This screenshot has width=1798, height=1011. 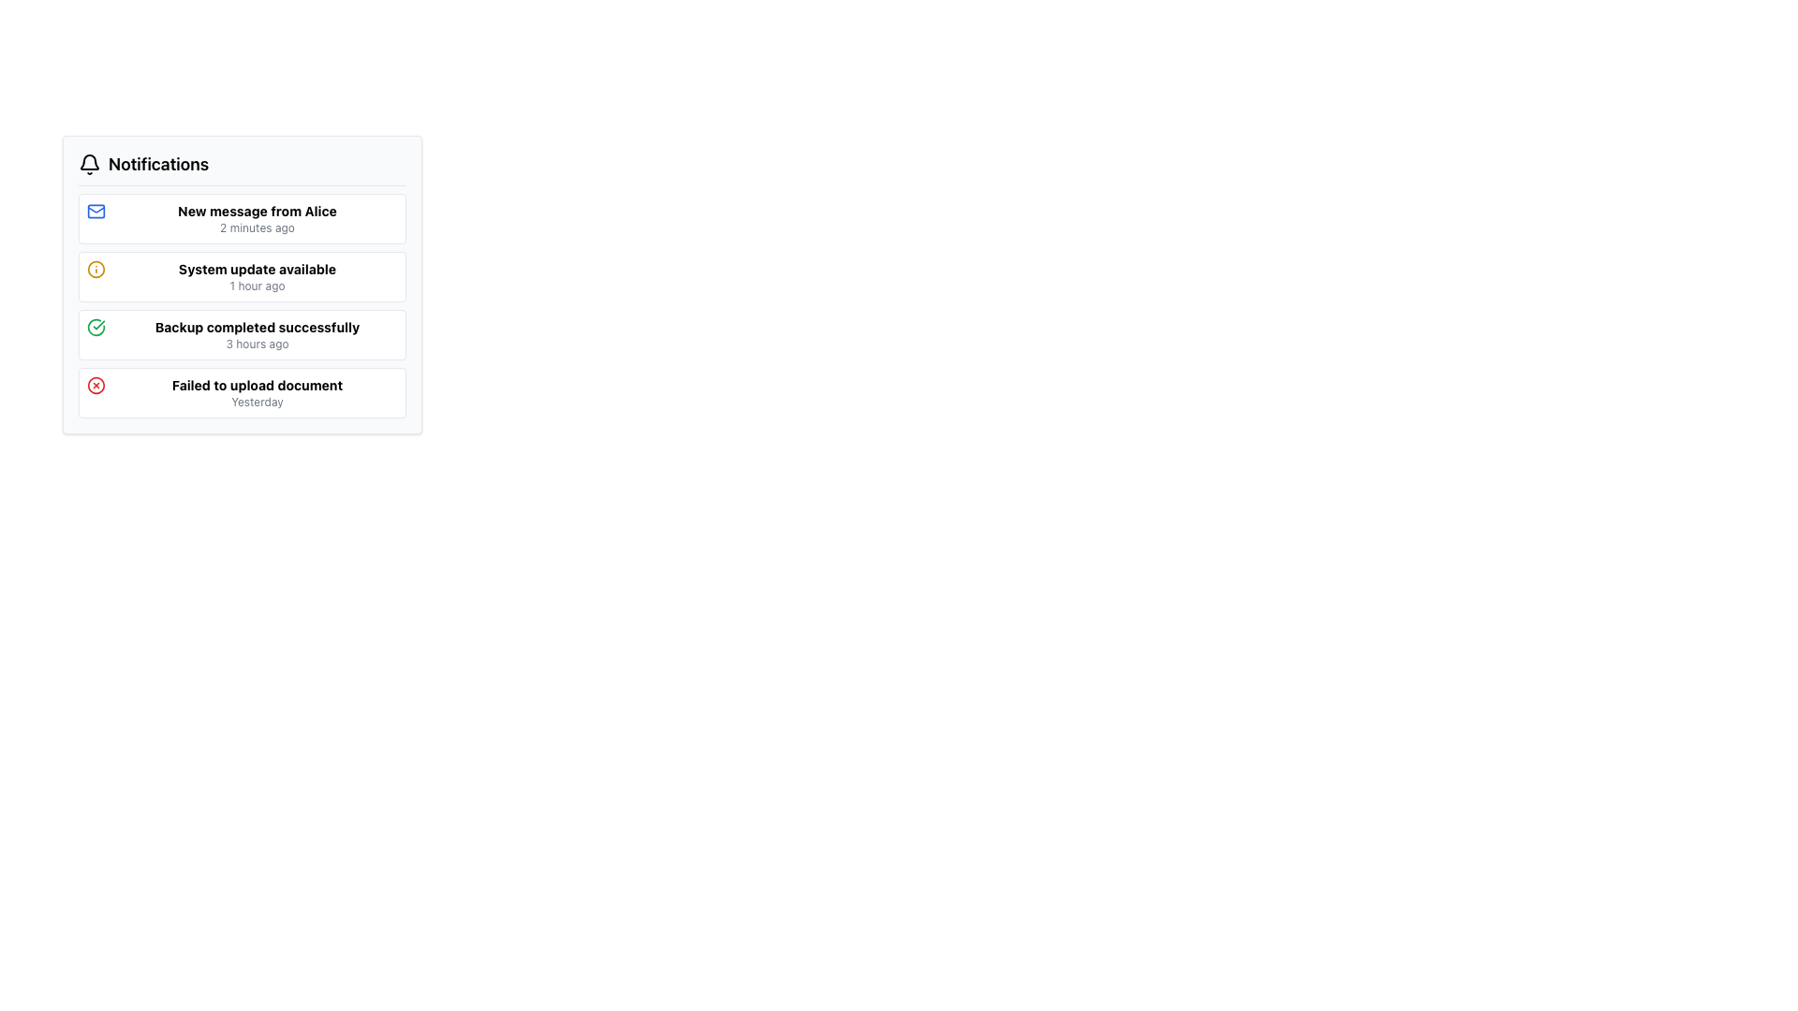 What do you see at coordinates (256, 344) in the screenshot?
I see `the text label displaying '3 hours ago' located in the notification panel under 'Backup completed successfully.'` at bounding box center [256, 344].